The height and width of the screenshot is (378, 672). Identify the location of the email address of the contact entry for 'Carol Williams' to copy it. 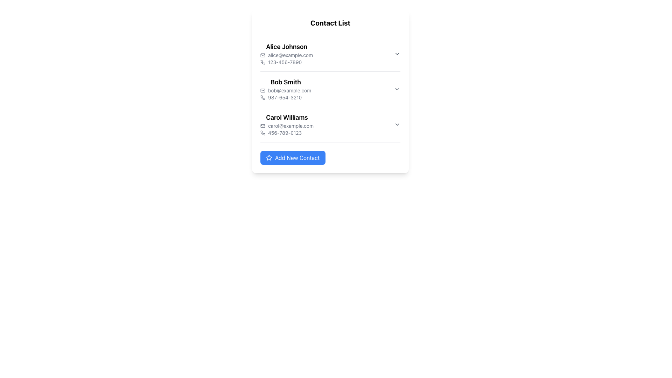
(287, 124).